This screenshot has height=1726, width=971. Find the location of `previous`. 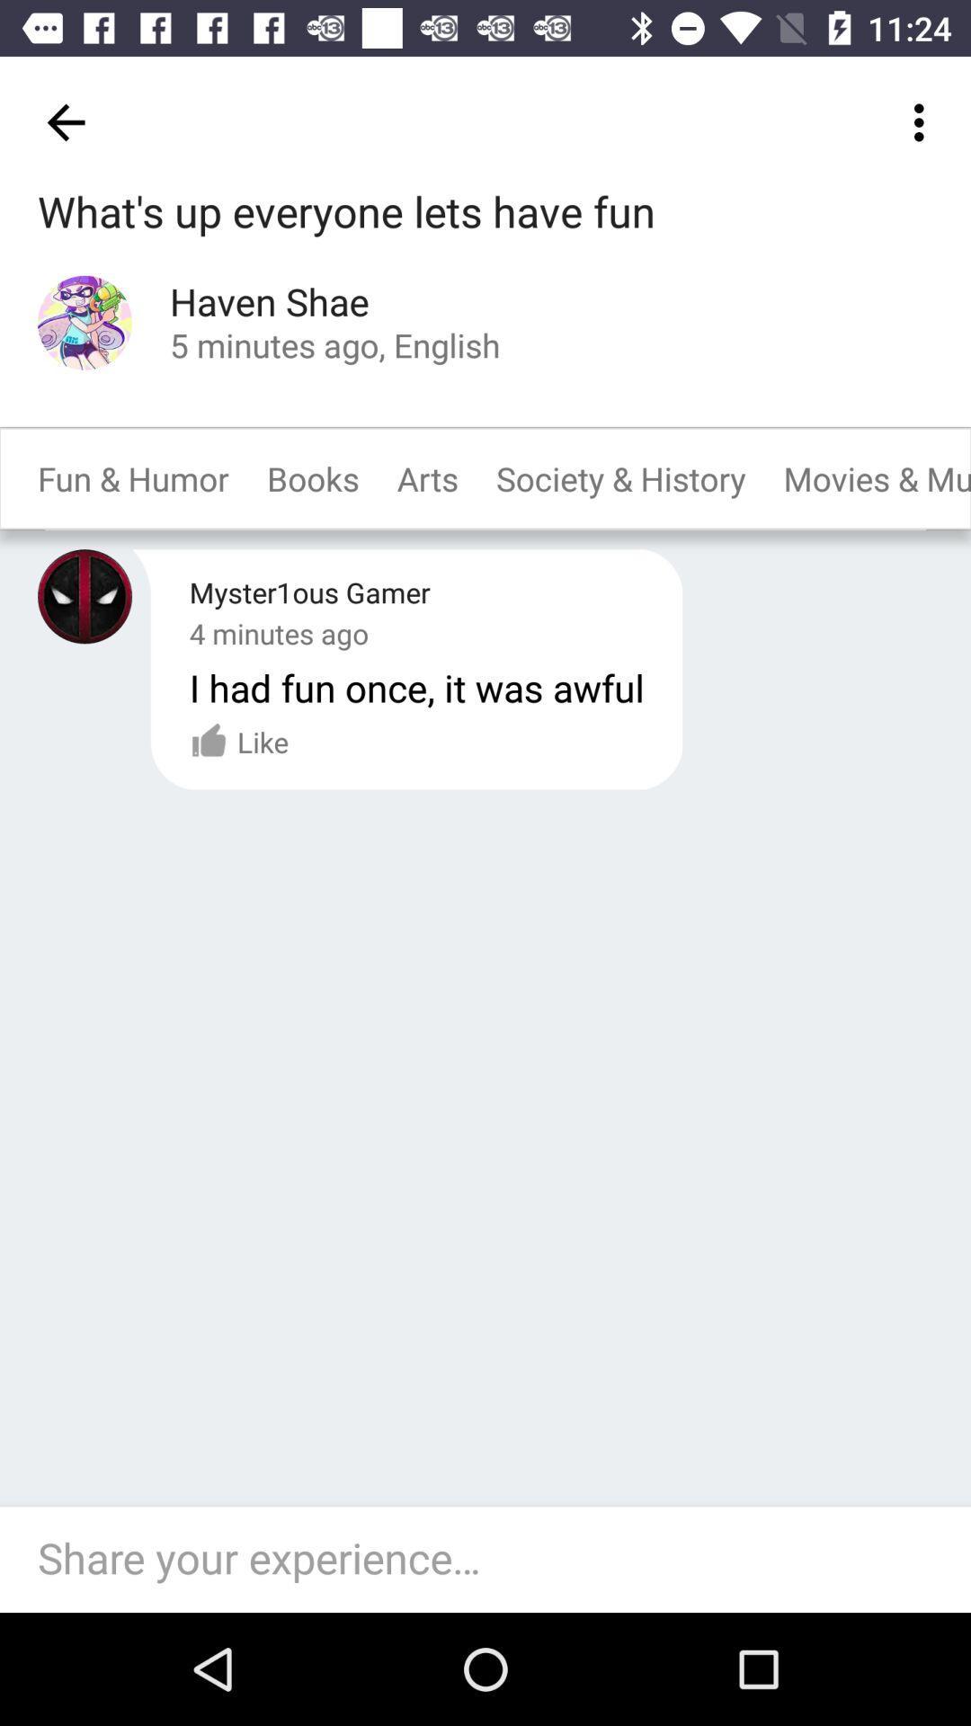

previous is located at coordinates (85, 596).